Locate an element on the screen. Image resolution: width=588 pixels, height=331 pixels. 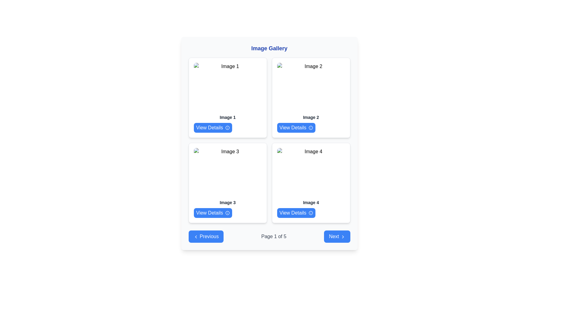
the informational icon located within the 'View Details' button of the fourth item in the image gallery, positioned towards the right side of the button is located at coordinates (311, 212).